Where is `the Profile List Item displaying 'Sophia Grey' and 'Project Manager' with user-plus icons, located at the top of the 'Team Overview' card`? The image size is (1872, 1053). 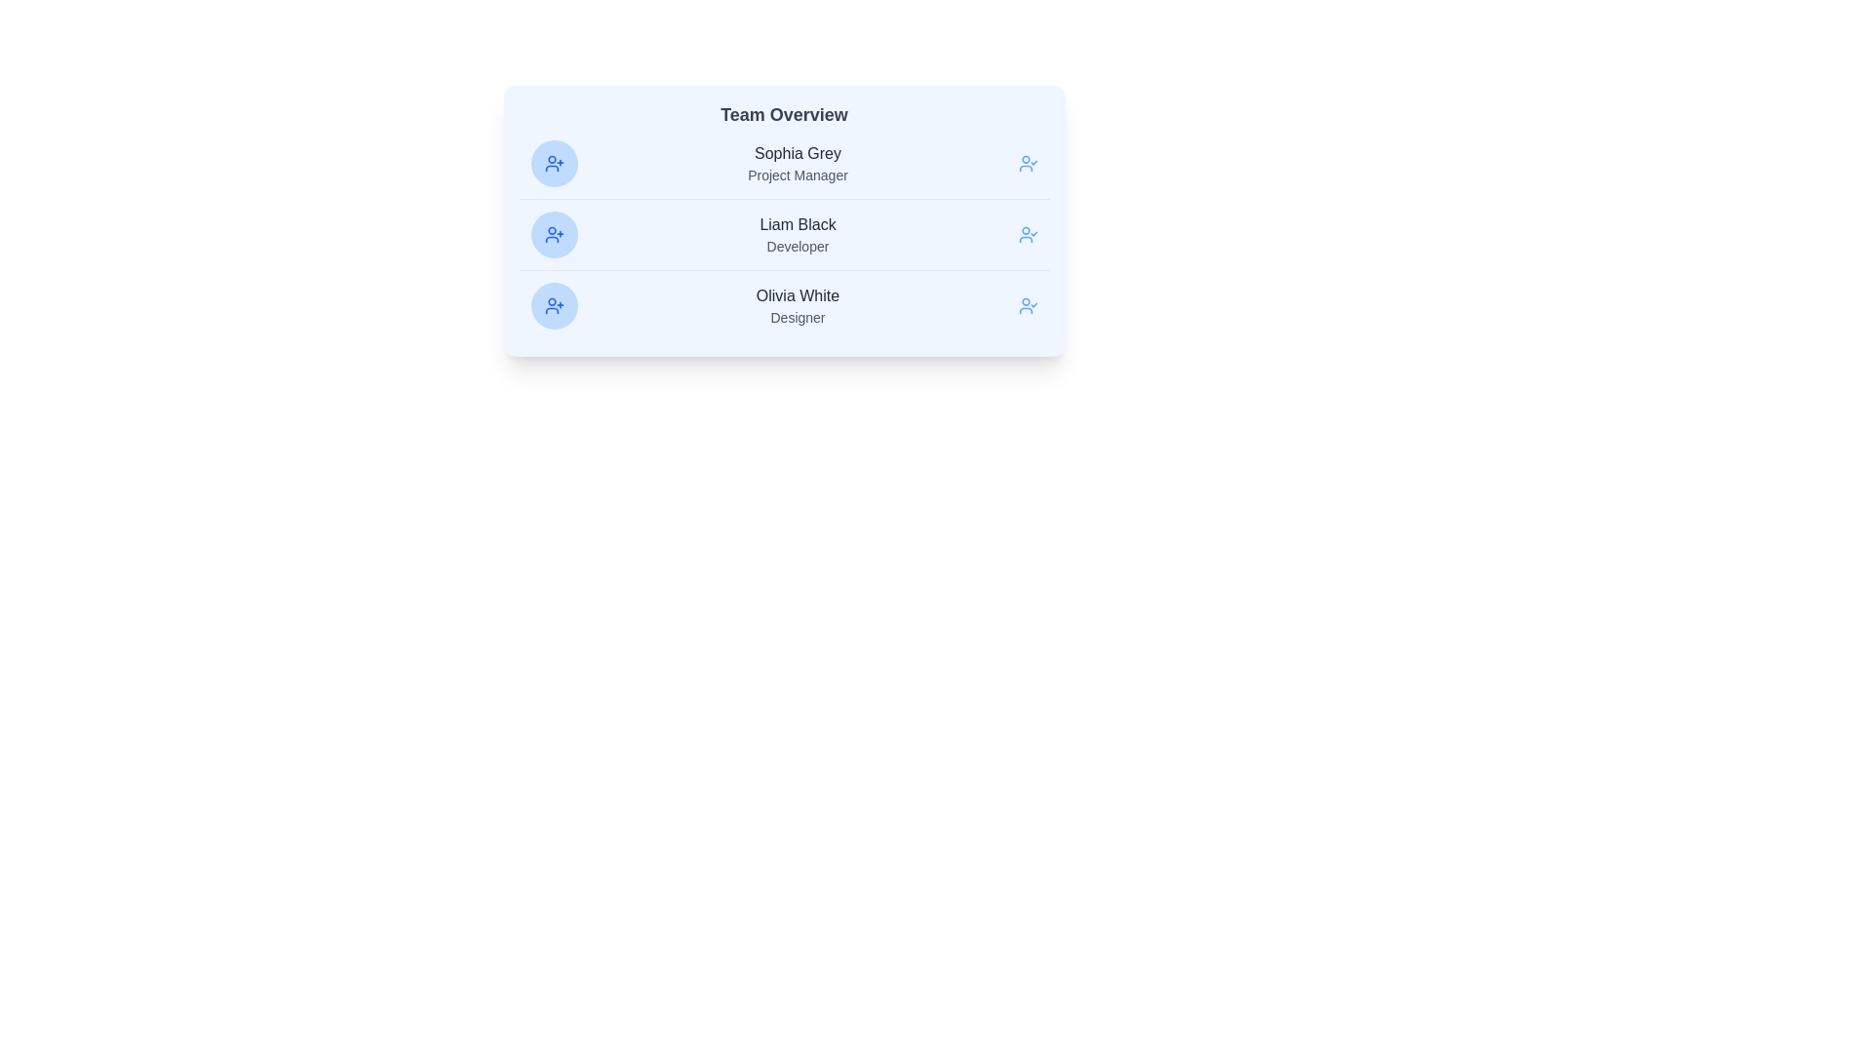 the Profile List Item displaying 'Sophia Grey' and 'Project Manager' with user-plus icons, located at the top of the 'Team Overview' card is located at coordinates (784, 163).